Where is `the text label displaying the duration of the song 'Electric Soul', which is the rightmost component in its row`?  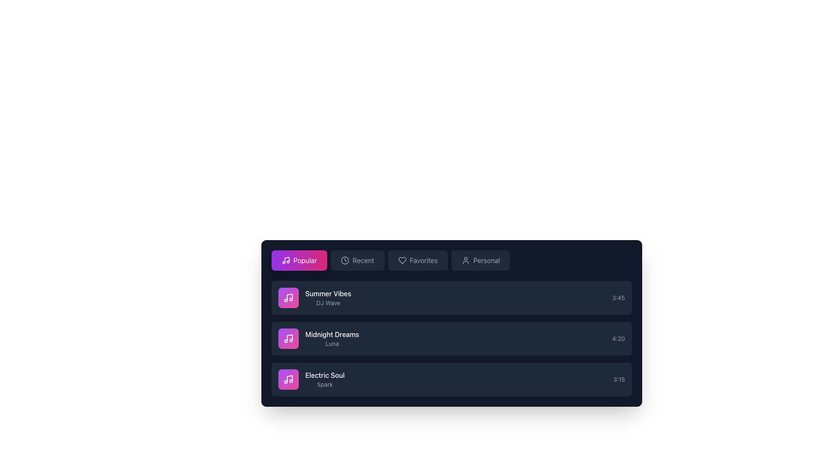
the text label displaying the duration of the song 'Electric Soul', which is the rightmost component in its row is located at coordinates (619, 379).